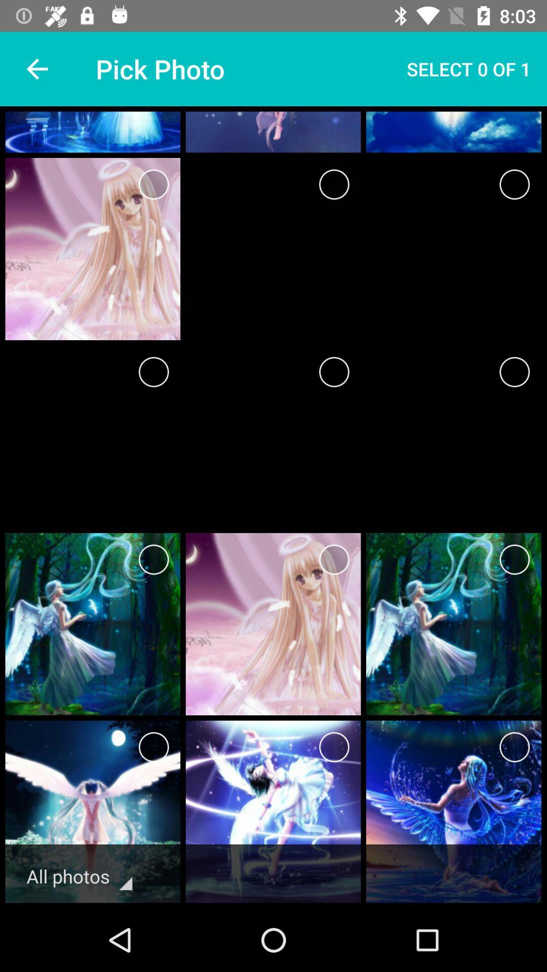 The height and width of the screenshot is (972, 547). Describe the element at coordinates (515, 559) in the screenshot. I see `photo` at that location.